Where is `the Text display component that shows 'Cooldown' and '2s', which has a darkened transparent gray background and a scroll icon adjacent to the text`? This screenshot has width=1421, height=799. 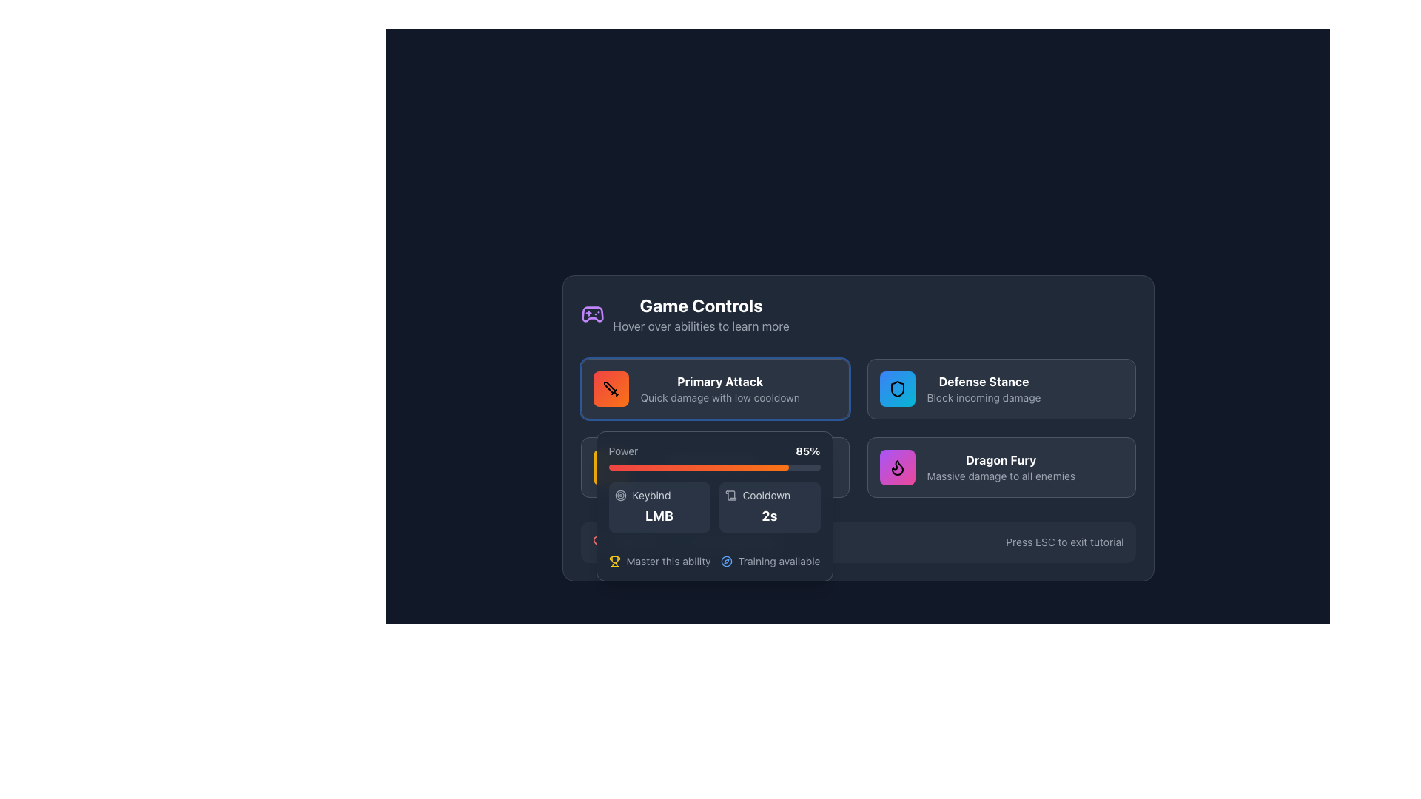
the Text display component that shows 'Cooldown' and '2s', which has a darkened transparent gray background and a scroll icon adjacent to the text is located at coordinates (770, 507).